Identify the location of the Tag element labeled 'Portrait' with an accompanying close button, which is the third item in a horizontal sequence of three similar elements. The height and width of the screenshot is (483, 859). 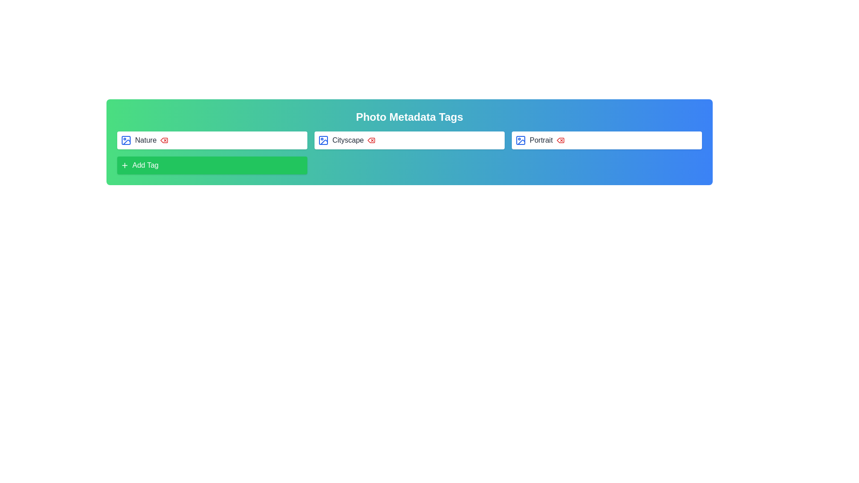
(607, 140).